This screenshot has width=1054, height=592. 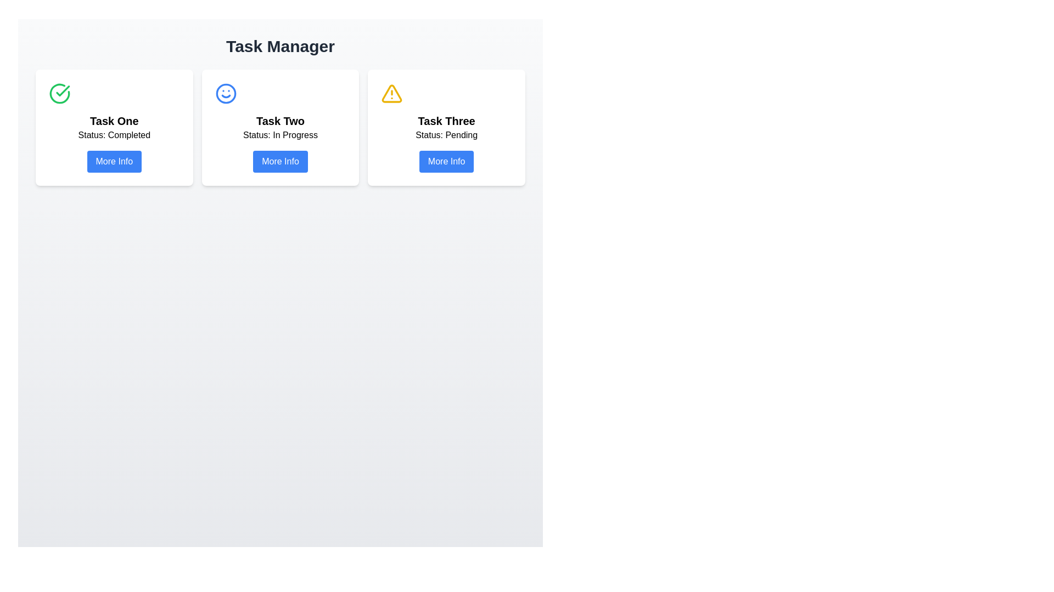 What do you see at coordinates (446, 134) in the screenshot?
I see `the status label located in the third card from the left, centered below 'Task Three' and above the 'More Info' button` at bounding box center [446, 134].